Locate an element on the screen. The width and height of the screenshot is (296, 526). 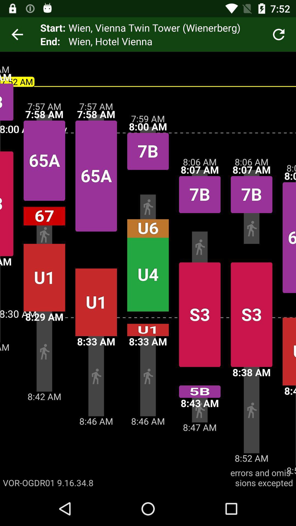
item to the left of the start: item is located at coordinates (17, 34).